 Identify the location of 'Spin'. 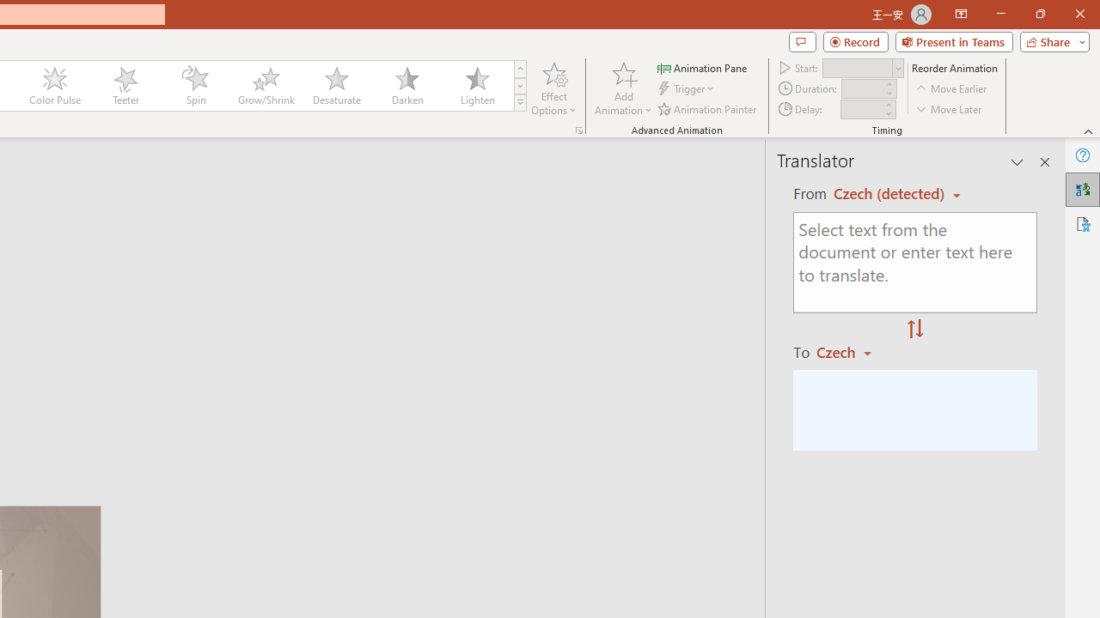
(195, 86).